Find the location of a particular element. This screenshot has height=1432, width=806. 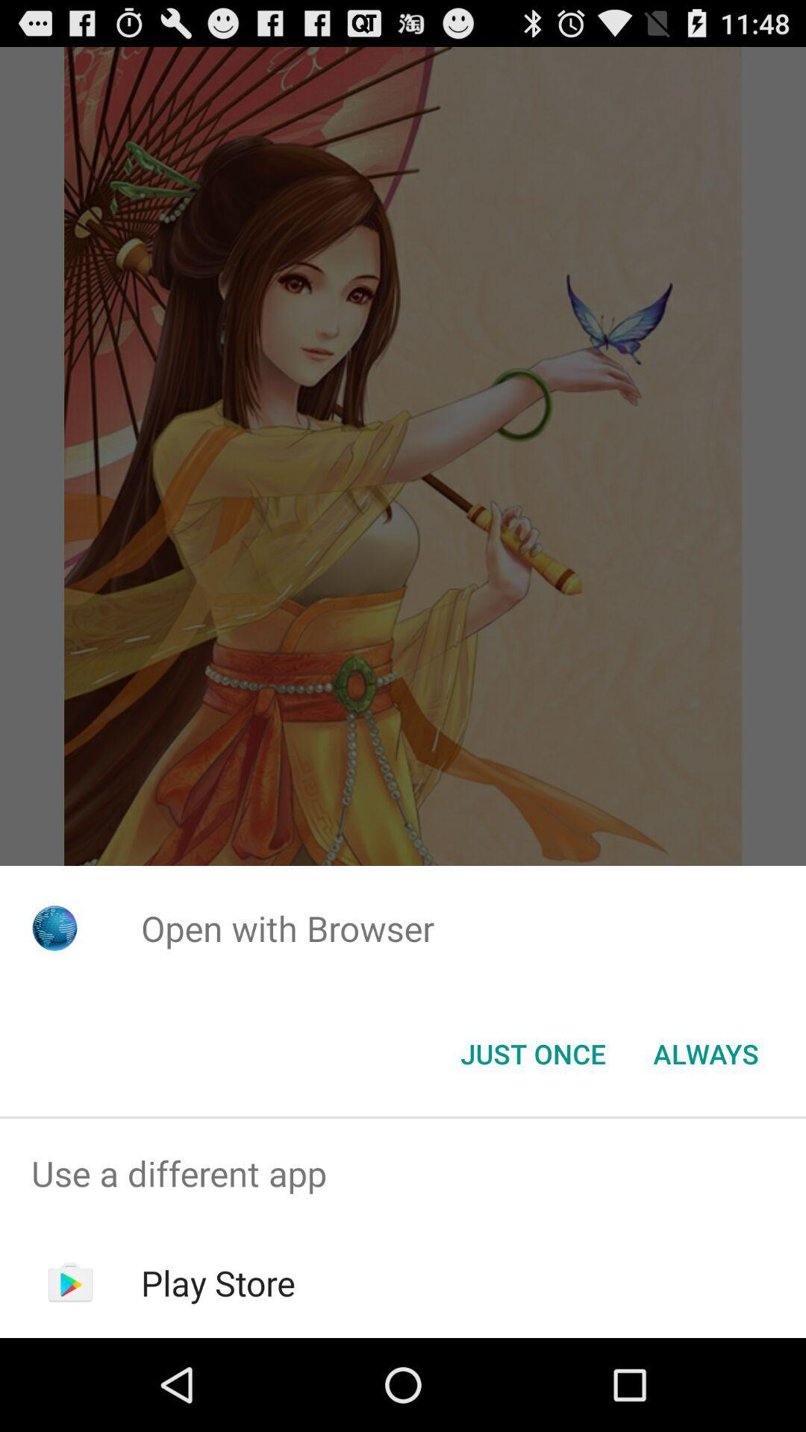

the item above the play store app is located at coordinates (403, 1172).